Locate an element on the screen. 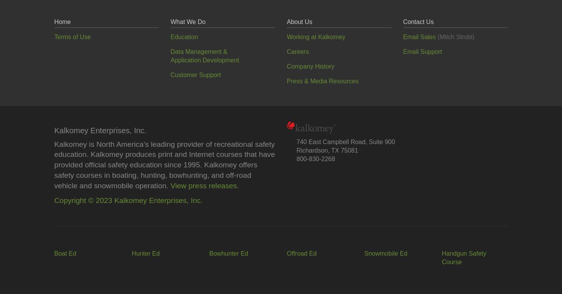  'Email Support' is located at coordinates (403, 51).